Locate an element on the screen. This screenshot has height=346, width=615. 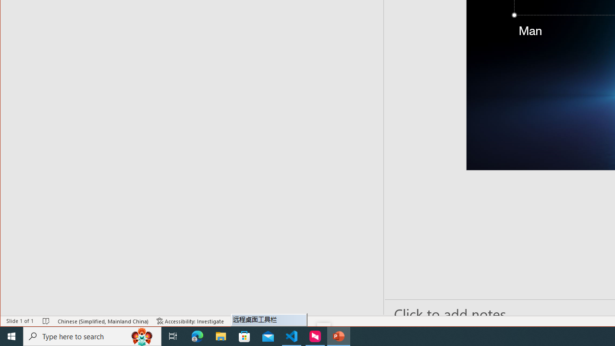
'PowerPoint - 1 running window' is located at coordinates (339, 335).